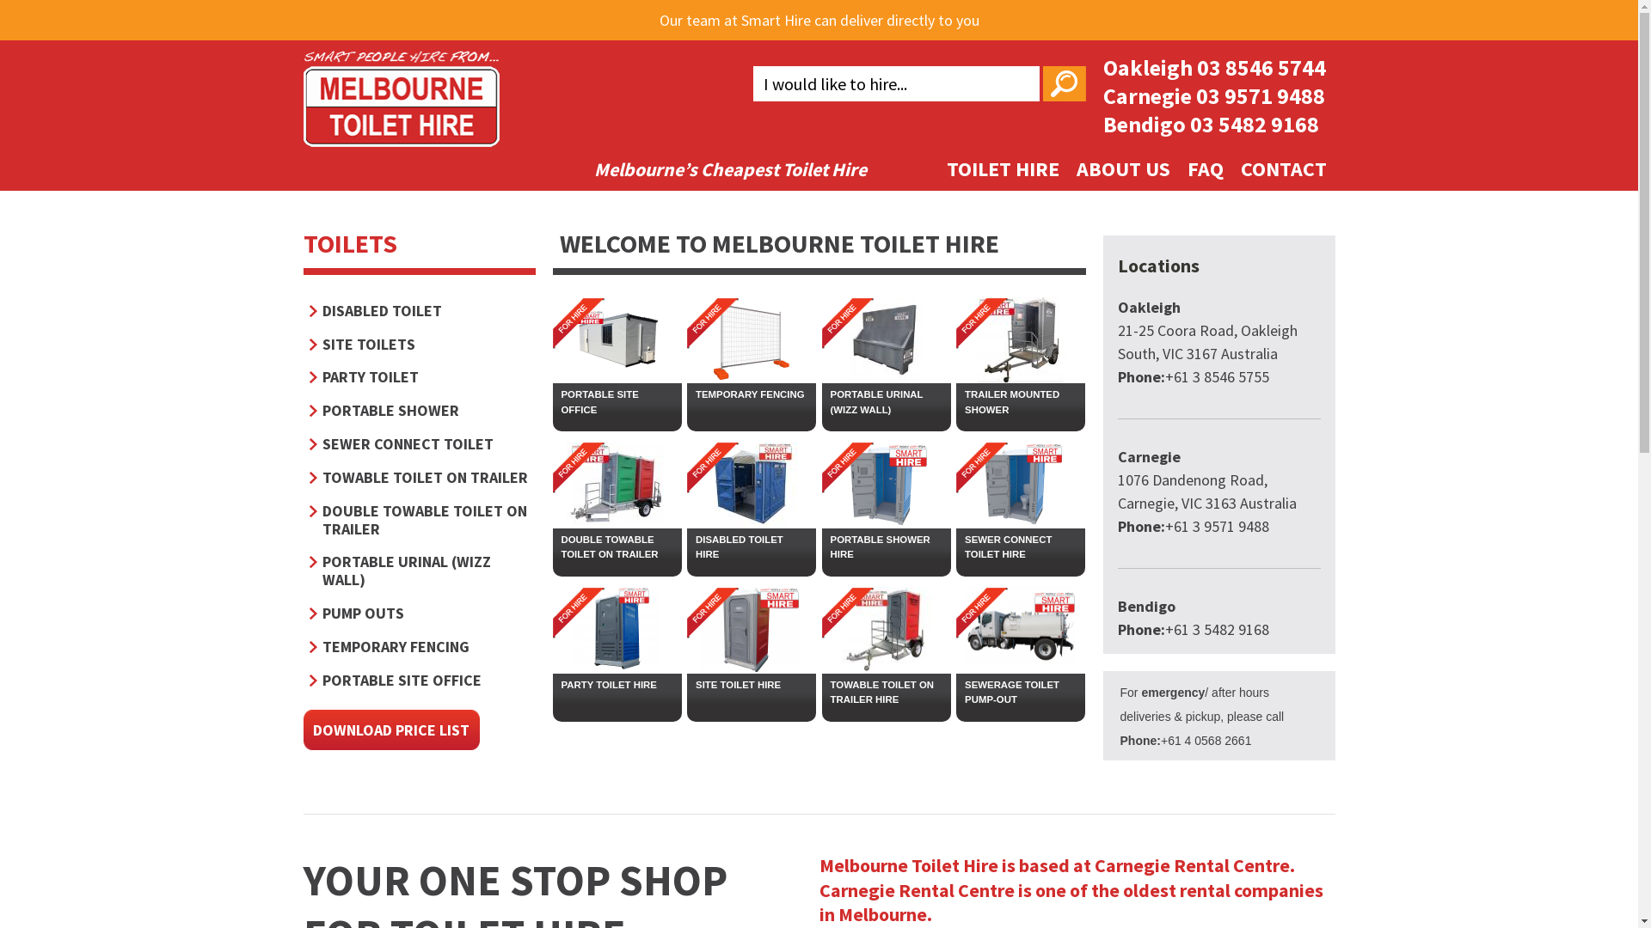  I want to click on 'ABOUT US', so click(1123, 168).